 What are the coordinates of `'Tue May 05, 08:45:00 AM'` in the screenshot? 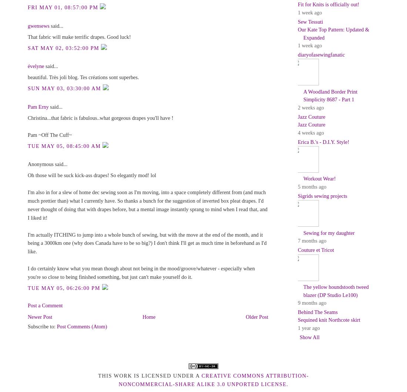 It's located at (65, 146).